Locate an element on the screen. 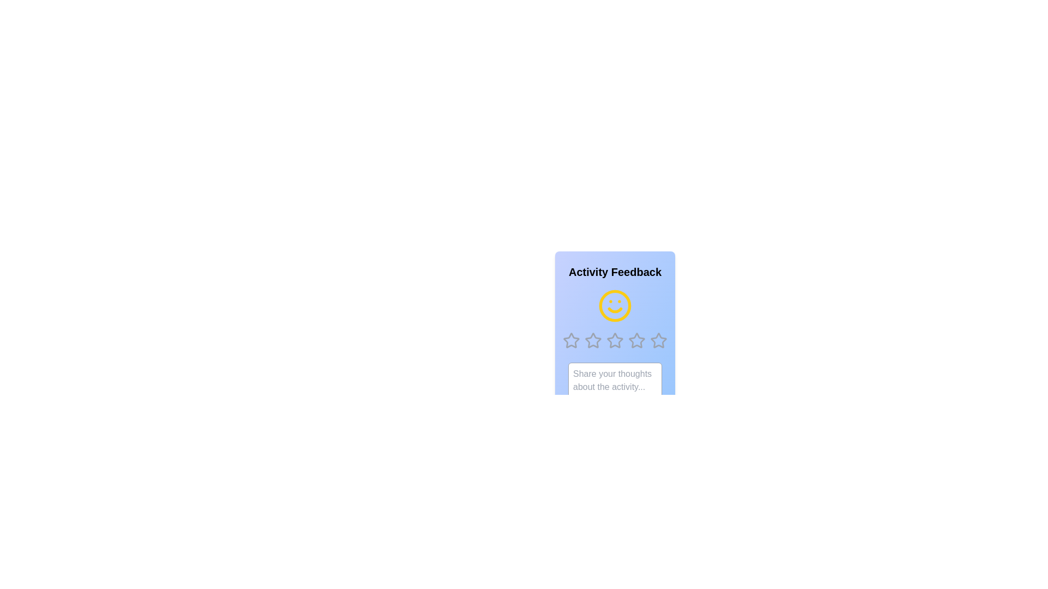  the third star-shaped icon in the star rating component located below the text 'Activity Feedback' is located at coordinates (615, 340).